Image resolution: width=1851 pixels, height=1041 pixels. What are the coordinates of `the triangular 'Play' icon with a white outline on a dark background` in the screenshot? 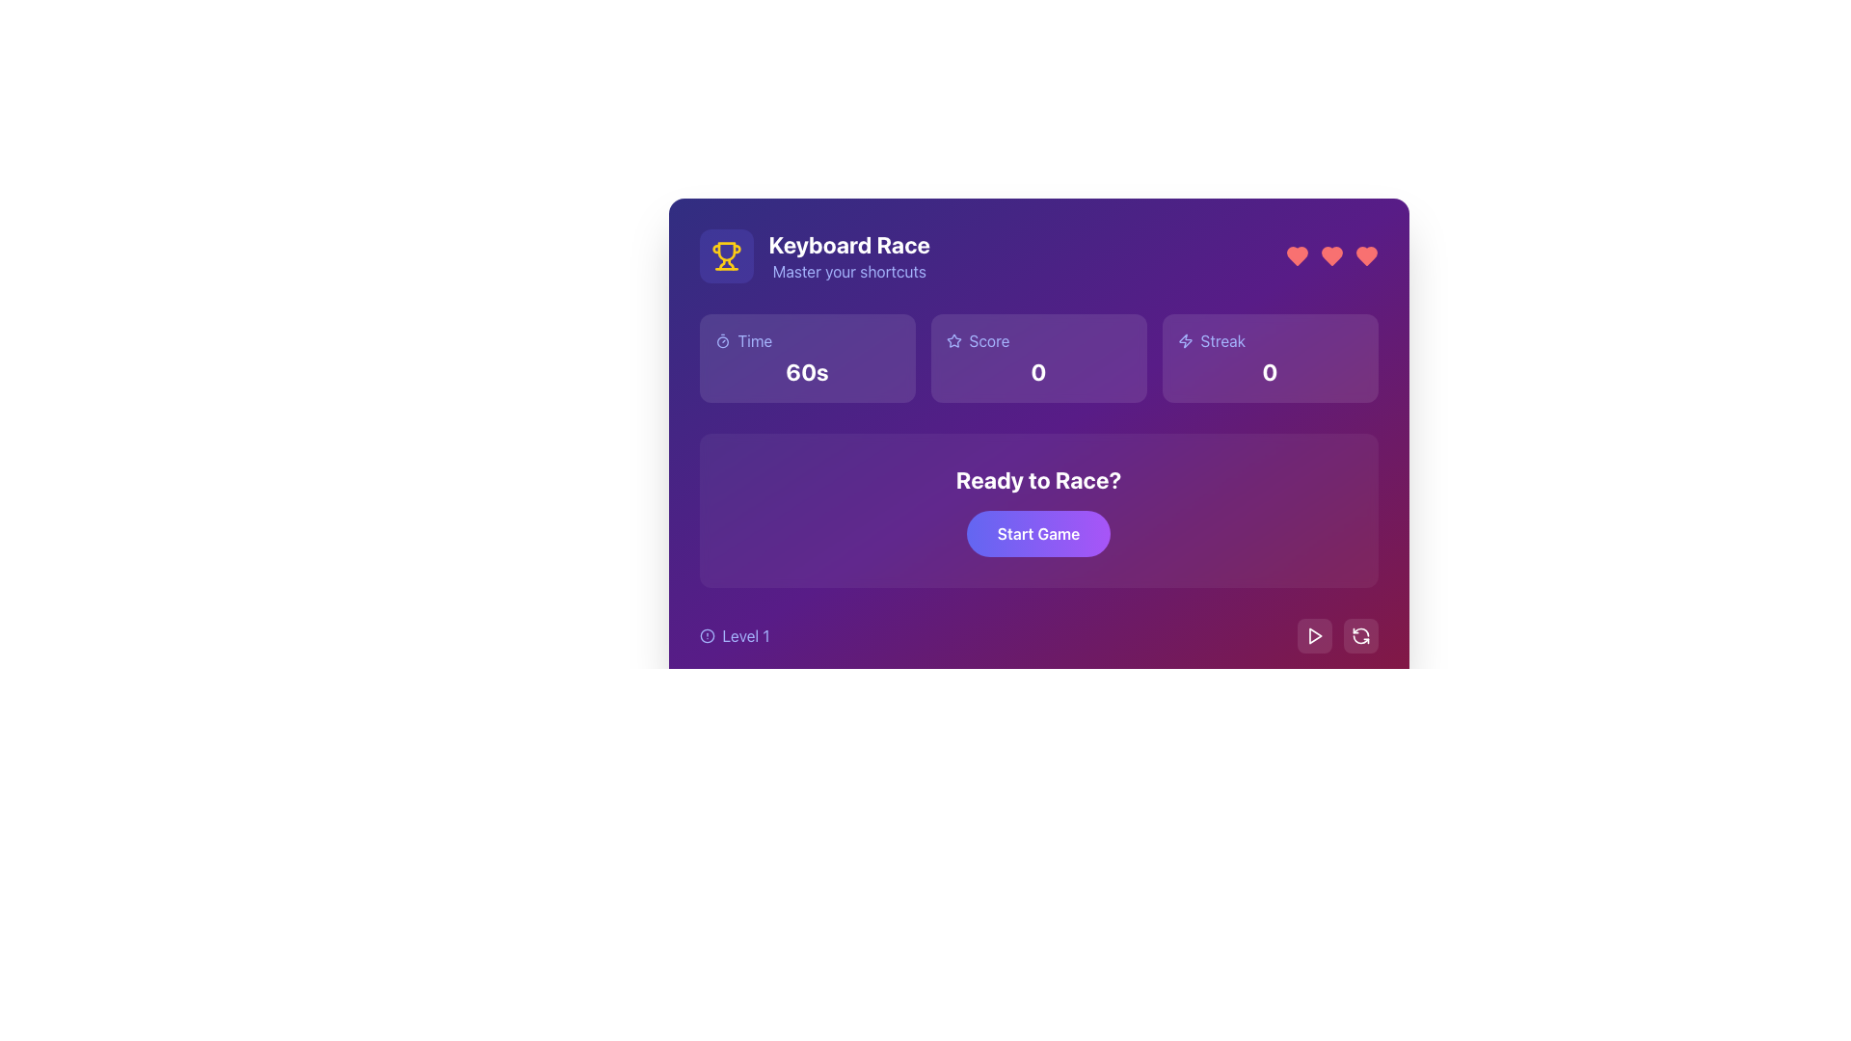 It's located at (1313, 635).